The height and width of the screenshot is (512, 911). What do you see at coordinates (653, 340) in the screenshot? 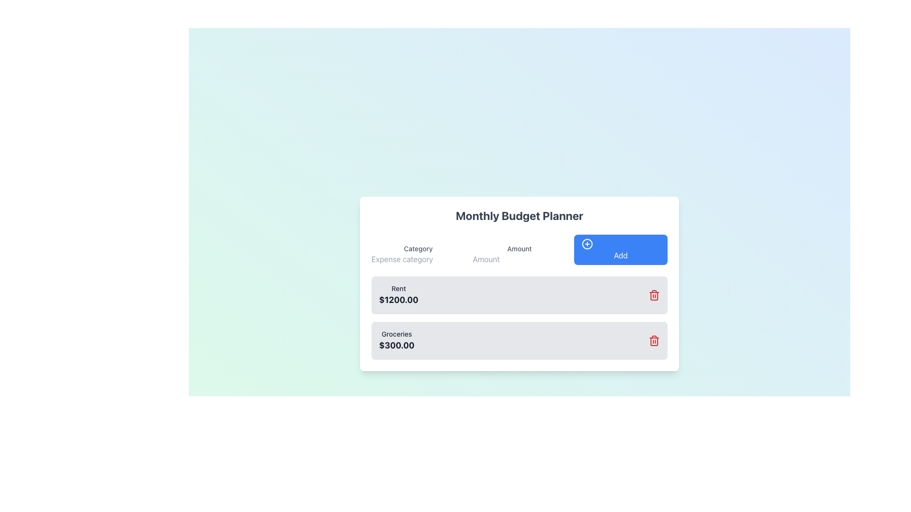
I see `the red trash icon button located to the right of the 'Groceries' item` at bounding box center [653, 340].